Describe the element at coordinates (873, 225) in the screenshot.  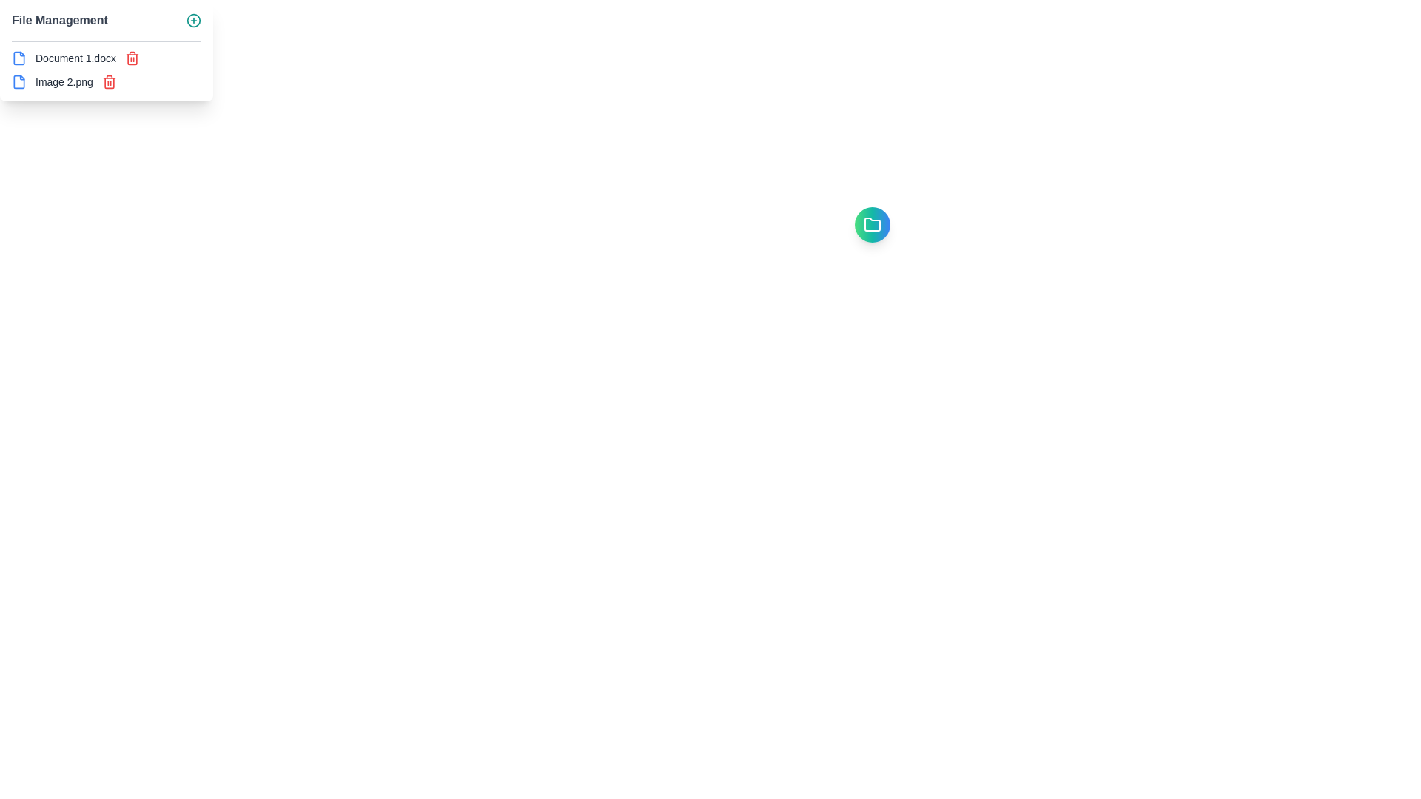
I see `the folder-shaped icon that is centered within a circular button with a gradient background transitioning from green to blue` at that location.